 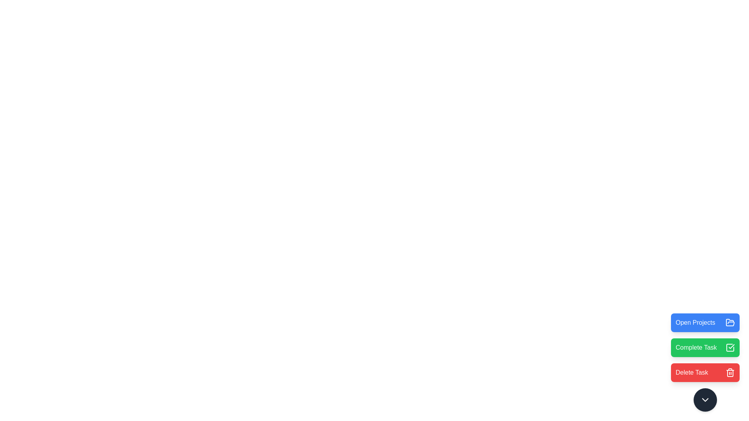 I want to click on the 'Complete Task' button, so click(x=705, y=347).